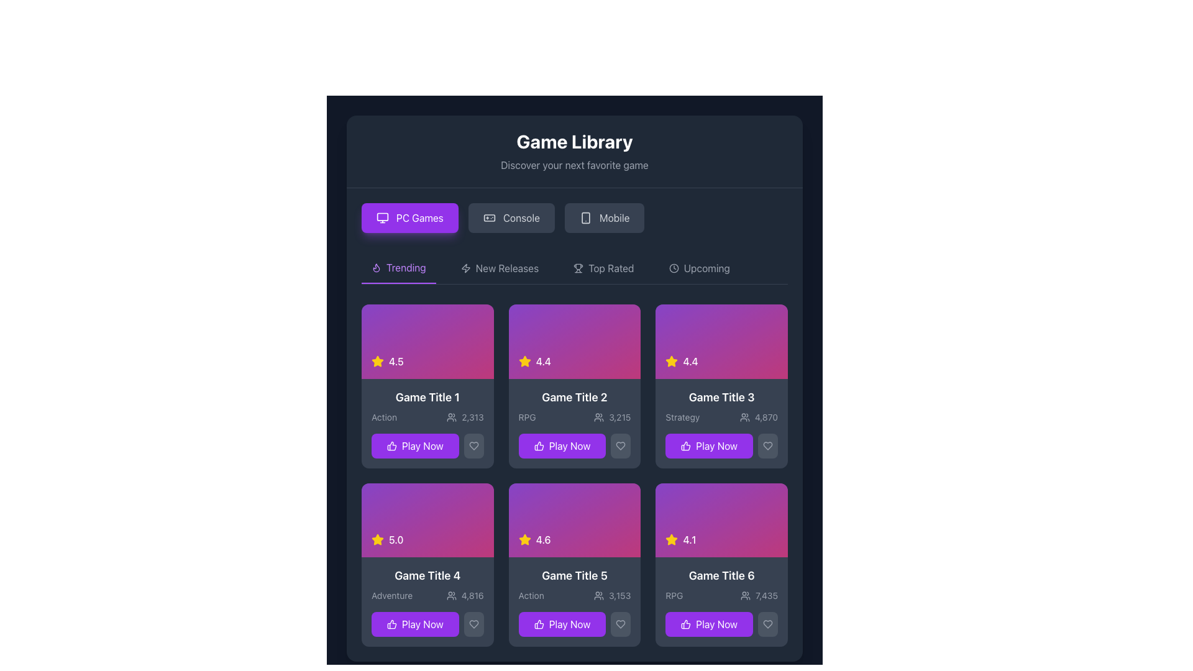 The width and height of the screenshot is (1193, 671). Describe the element at coordinates (709, 445) in the screenshot. I see `the purple rectangular button labeled 'Play Now' with a thumbs-up icon, located in the card for 'Game Title 3'` at that location.